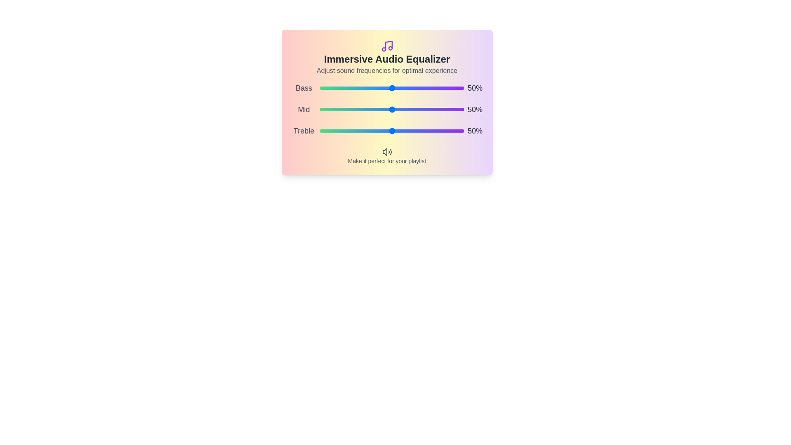 This screenshot has height=445, width=791. I want to click on the 0 slider to 32%, so click(415, 88).